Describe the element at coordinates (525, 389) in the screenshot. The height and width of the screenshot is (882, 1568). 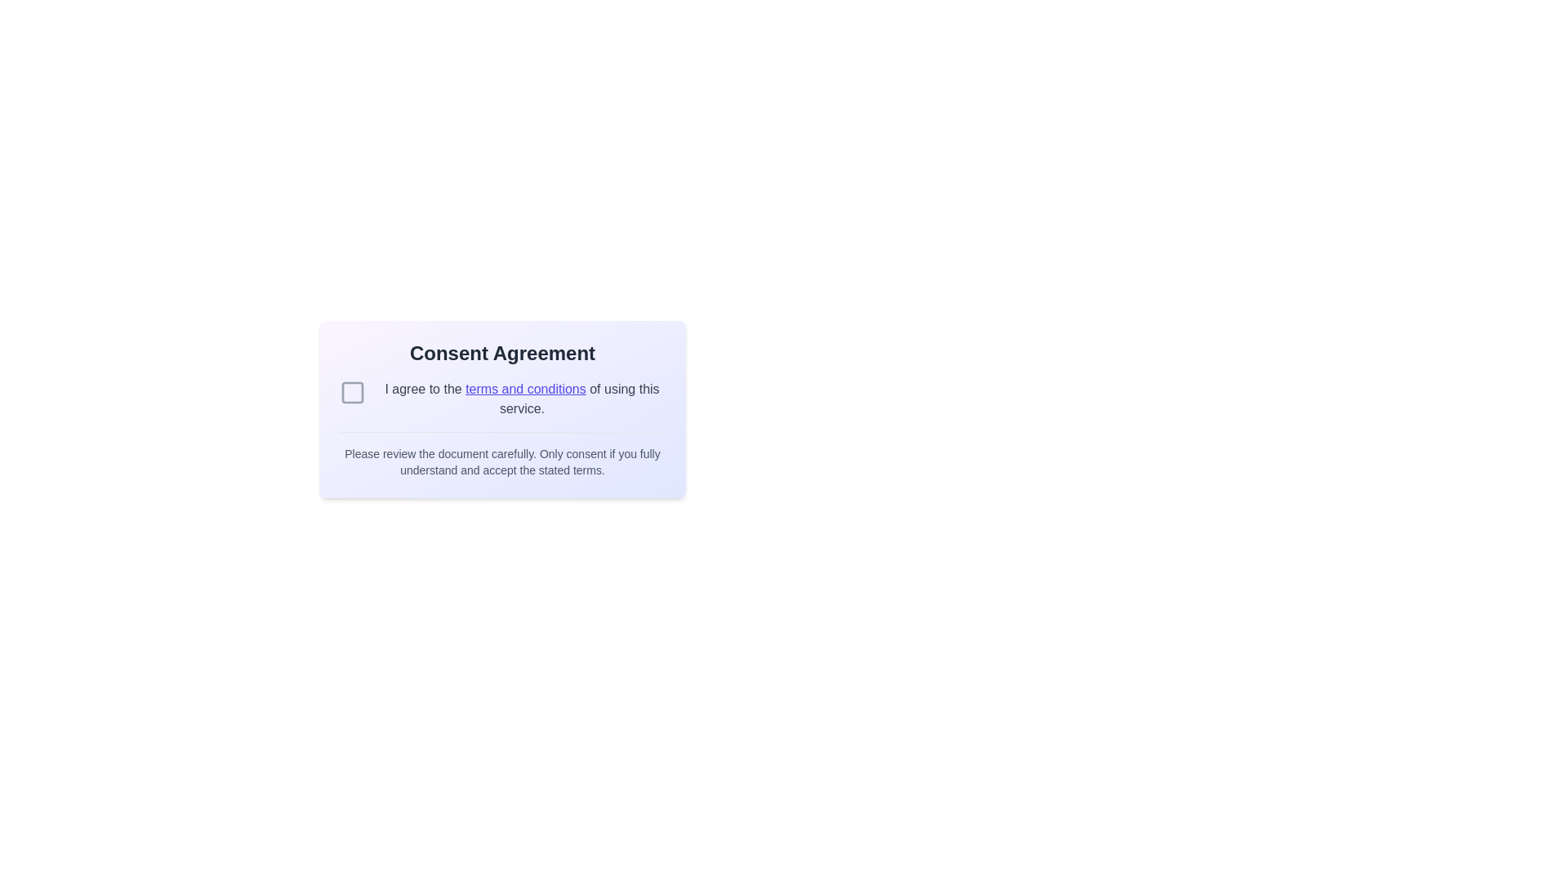
I see `the 'terms and conditions' hyperlink, which is indigo-colored and underlined, located within a consent agreement form` at that location.